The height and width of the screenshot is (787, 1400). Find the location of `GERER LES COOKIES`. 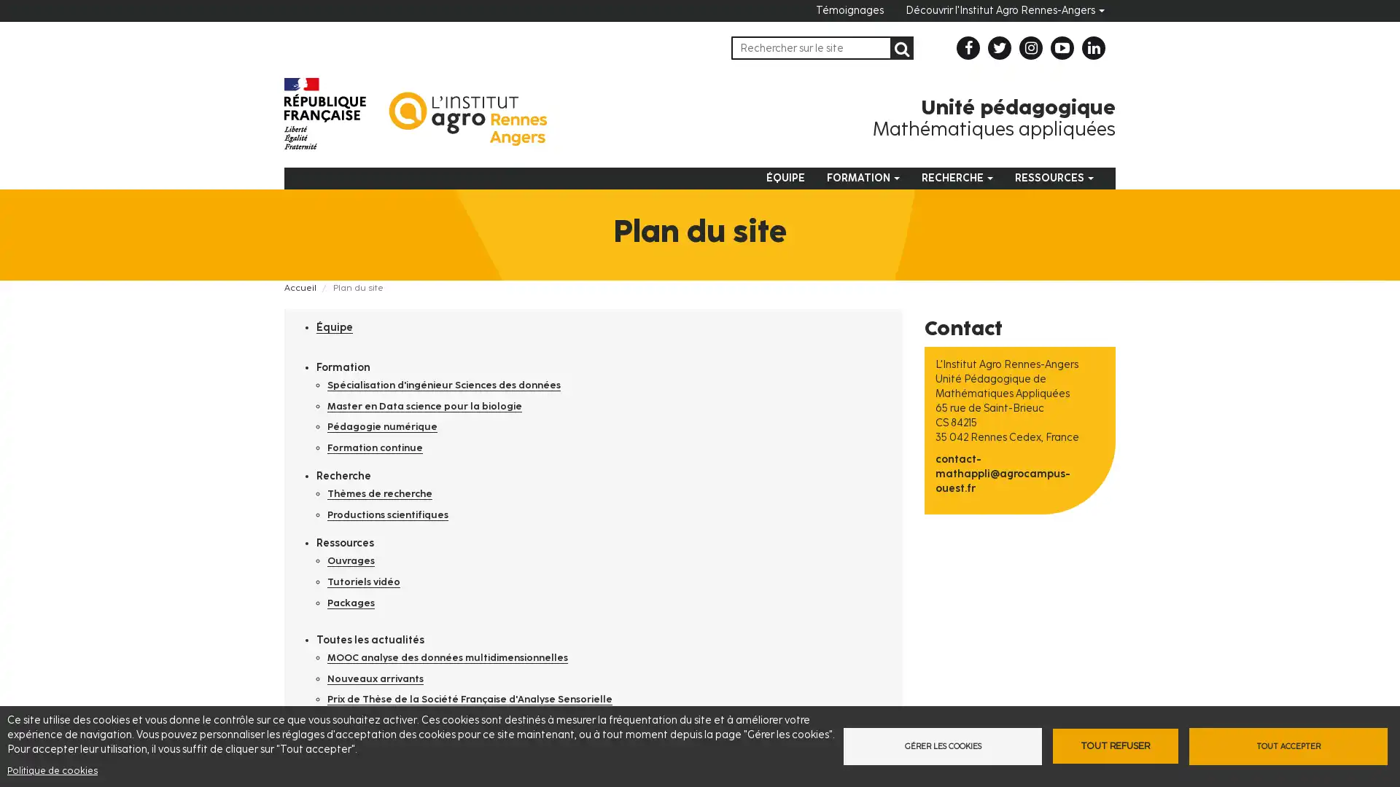

GERER LES COOKIES is located at coordinates (938, 745).